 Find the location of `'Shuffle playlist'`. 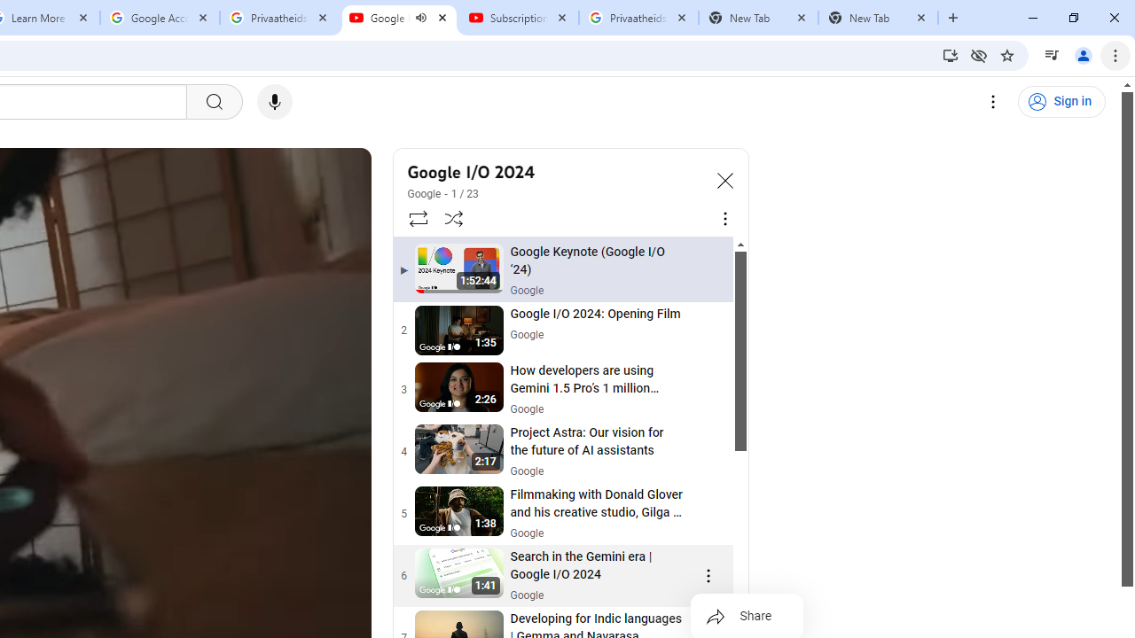

'Shuffle playlist' is located at coordinates (454, 217).